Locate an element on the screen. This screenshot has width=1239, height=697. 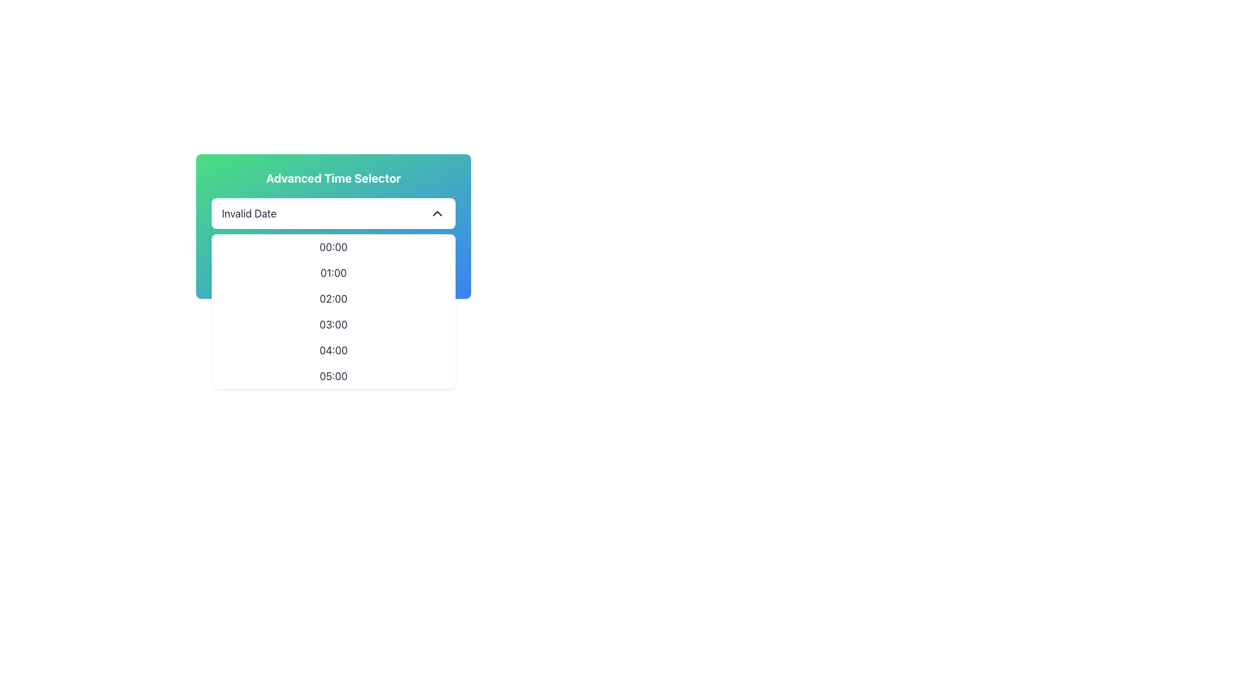
the static text label that reads 'Quick Select:', which serves as a descriptor for selectable time options is located at coordinates (334, 246).